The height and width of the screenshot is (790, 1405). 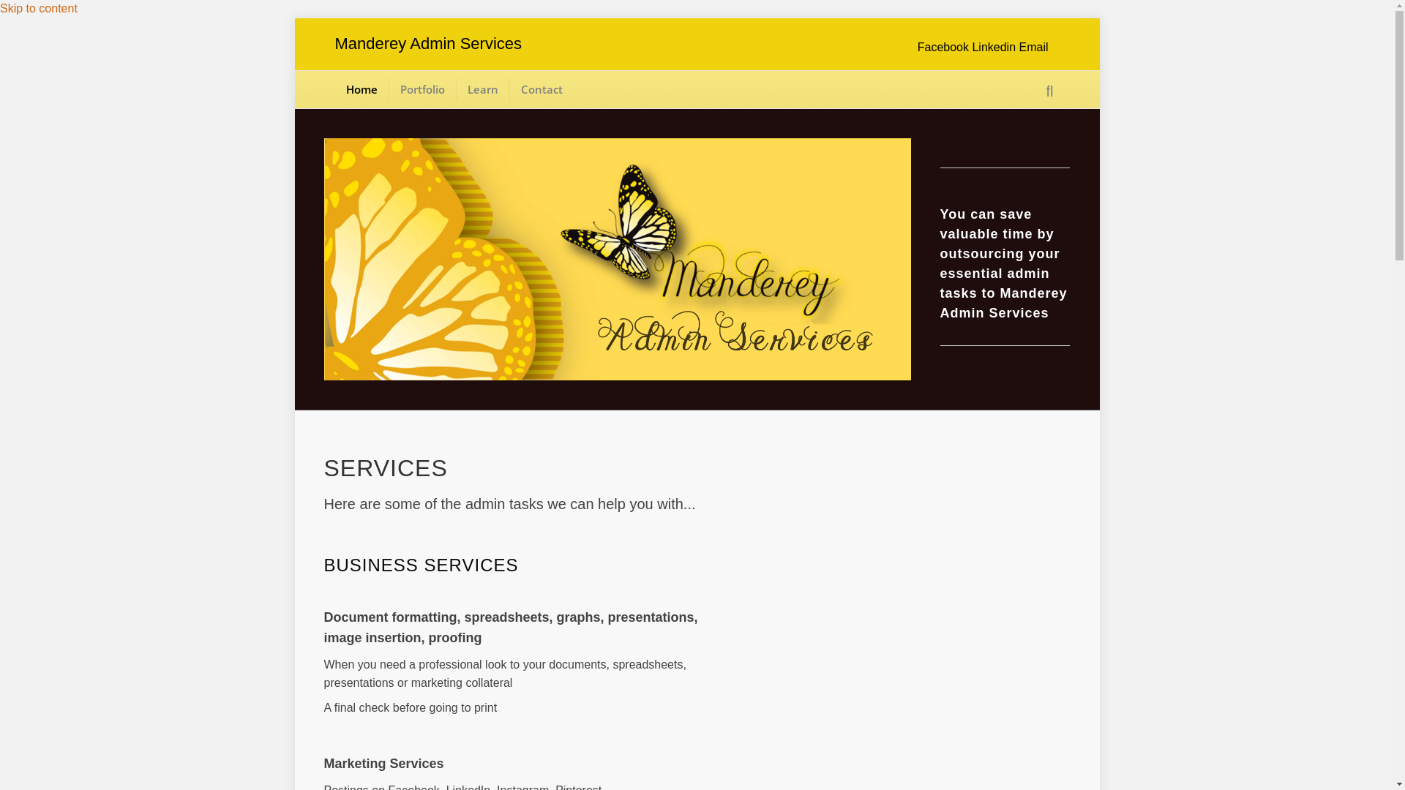 I want to click on 'Email', so click(x=1032, y=46).